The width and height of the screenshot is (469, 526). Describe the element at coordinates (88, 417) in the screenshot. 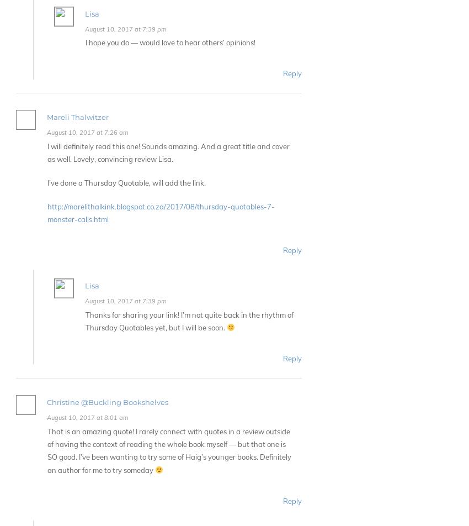

I see `'August 10, 2017 at 8:01 am'` at that location.